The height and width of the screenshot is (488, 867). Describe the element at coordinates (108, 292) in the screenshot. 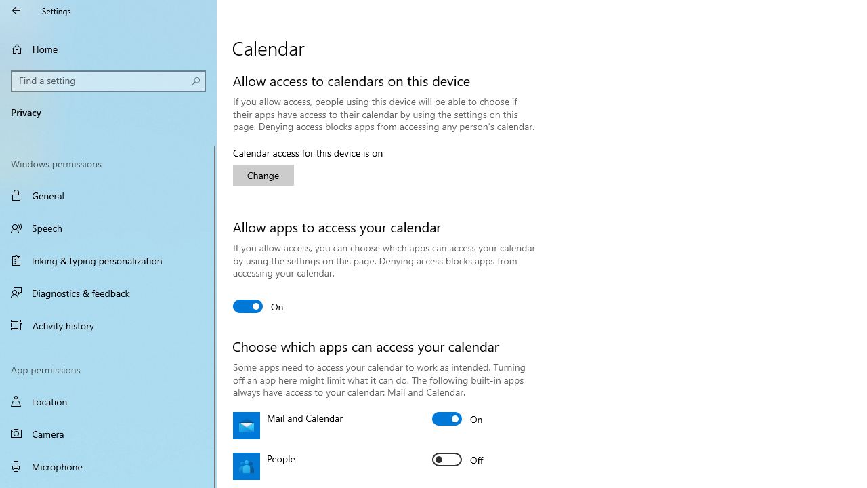

I see `'Diagnostics & feedback'` at that location.